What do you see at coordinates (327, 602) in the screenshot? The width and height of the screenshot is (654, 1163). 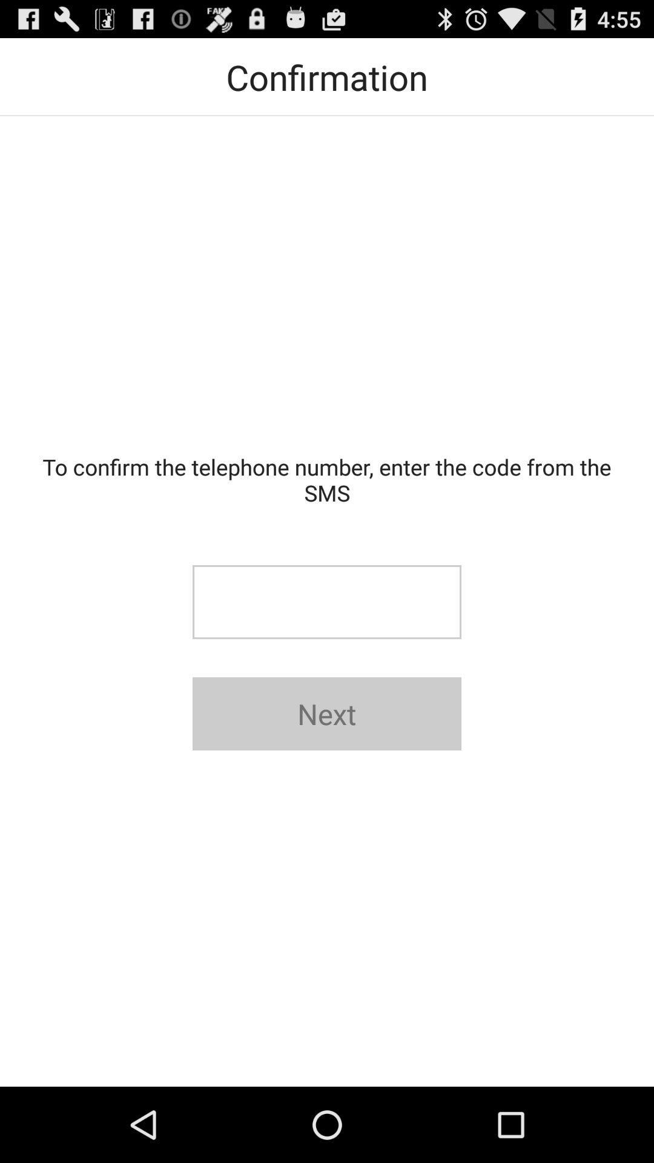 I see `icon below the to confirm the` at bounding box center [327, 602].